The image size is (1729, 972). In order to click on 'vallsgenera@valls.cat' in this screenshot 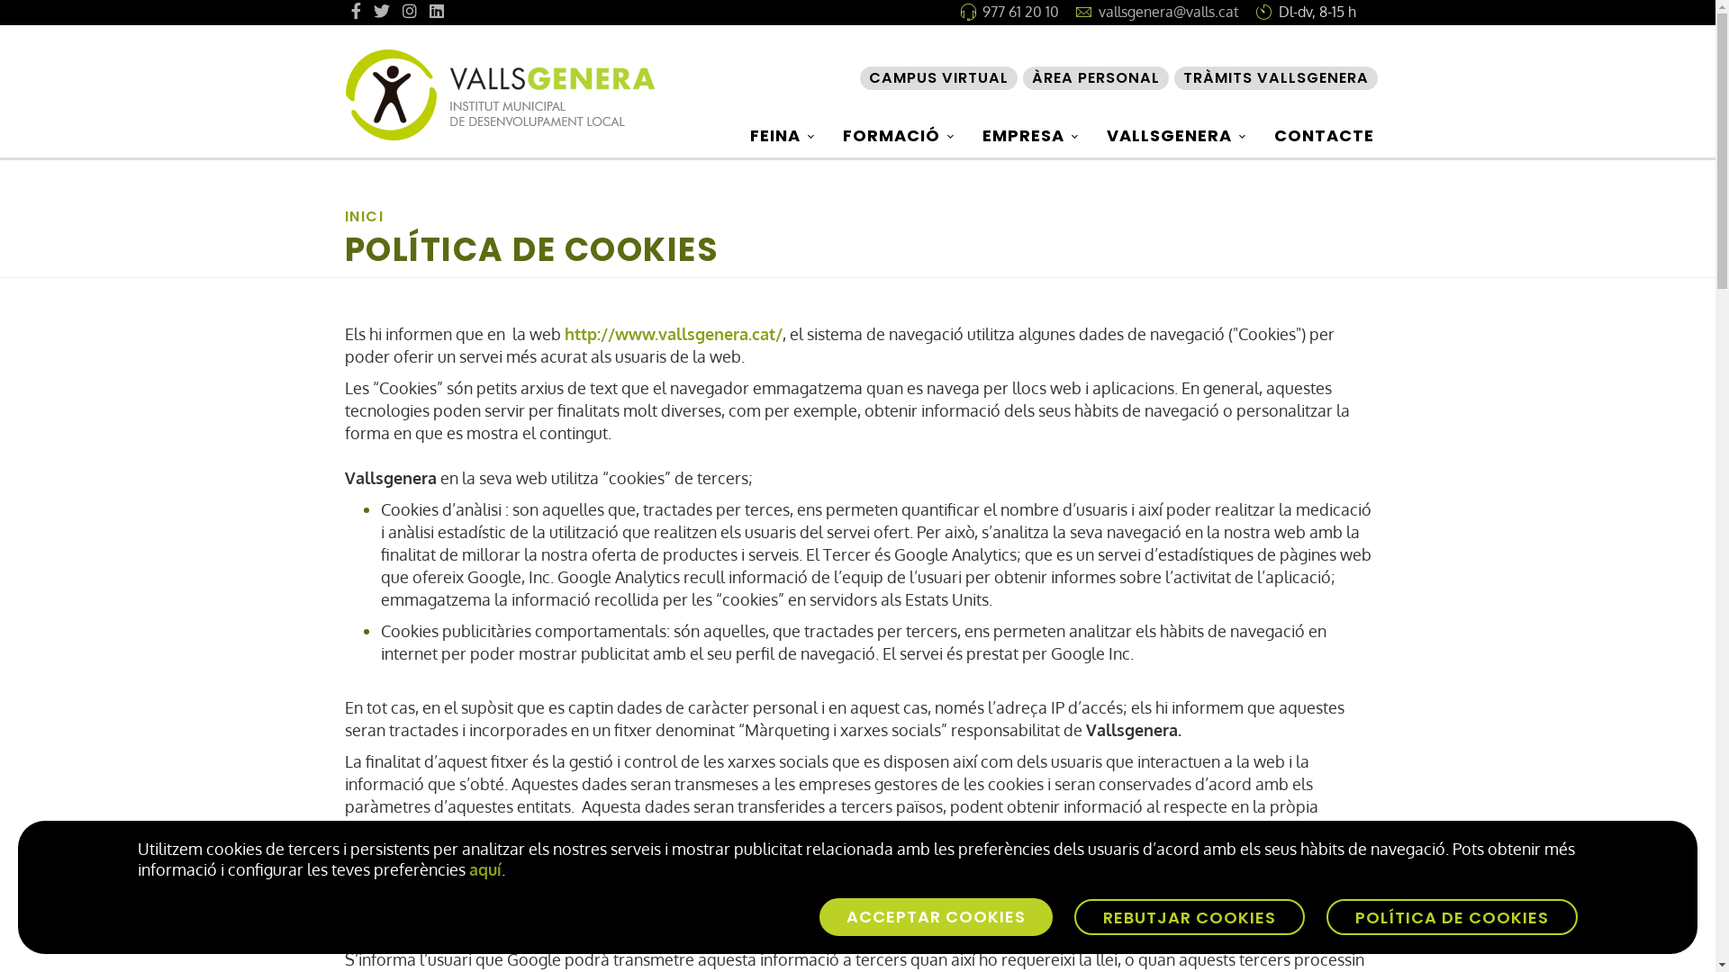, I will do `click(1097, 11)`.